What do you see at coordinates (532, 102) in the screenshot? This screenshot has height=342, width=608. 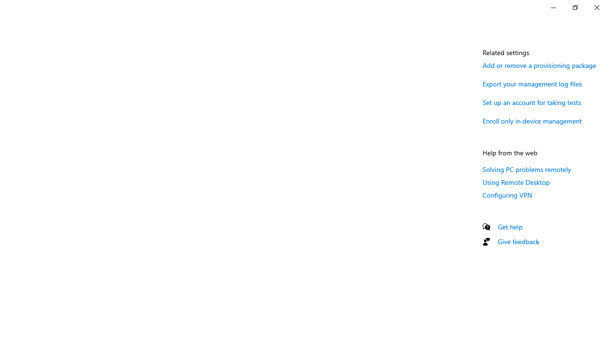 I see `'Set up an account for taking tests'` at bounding box center [532, 102].